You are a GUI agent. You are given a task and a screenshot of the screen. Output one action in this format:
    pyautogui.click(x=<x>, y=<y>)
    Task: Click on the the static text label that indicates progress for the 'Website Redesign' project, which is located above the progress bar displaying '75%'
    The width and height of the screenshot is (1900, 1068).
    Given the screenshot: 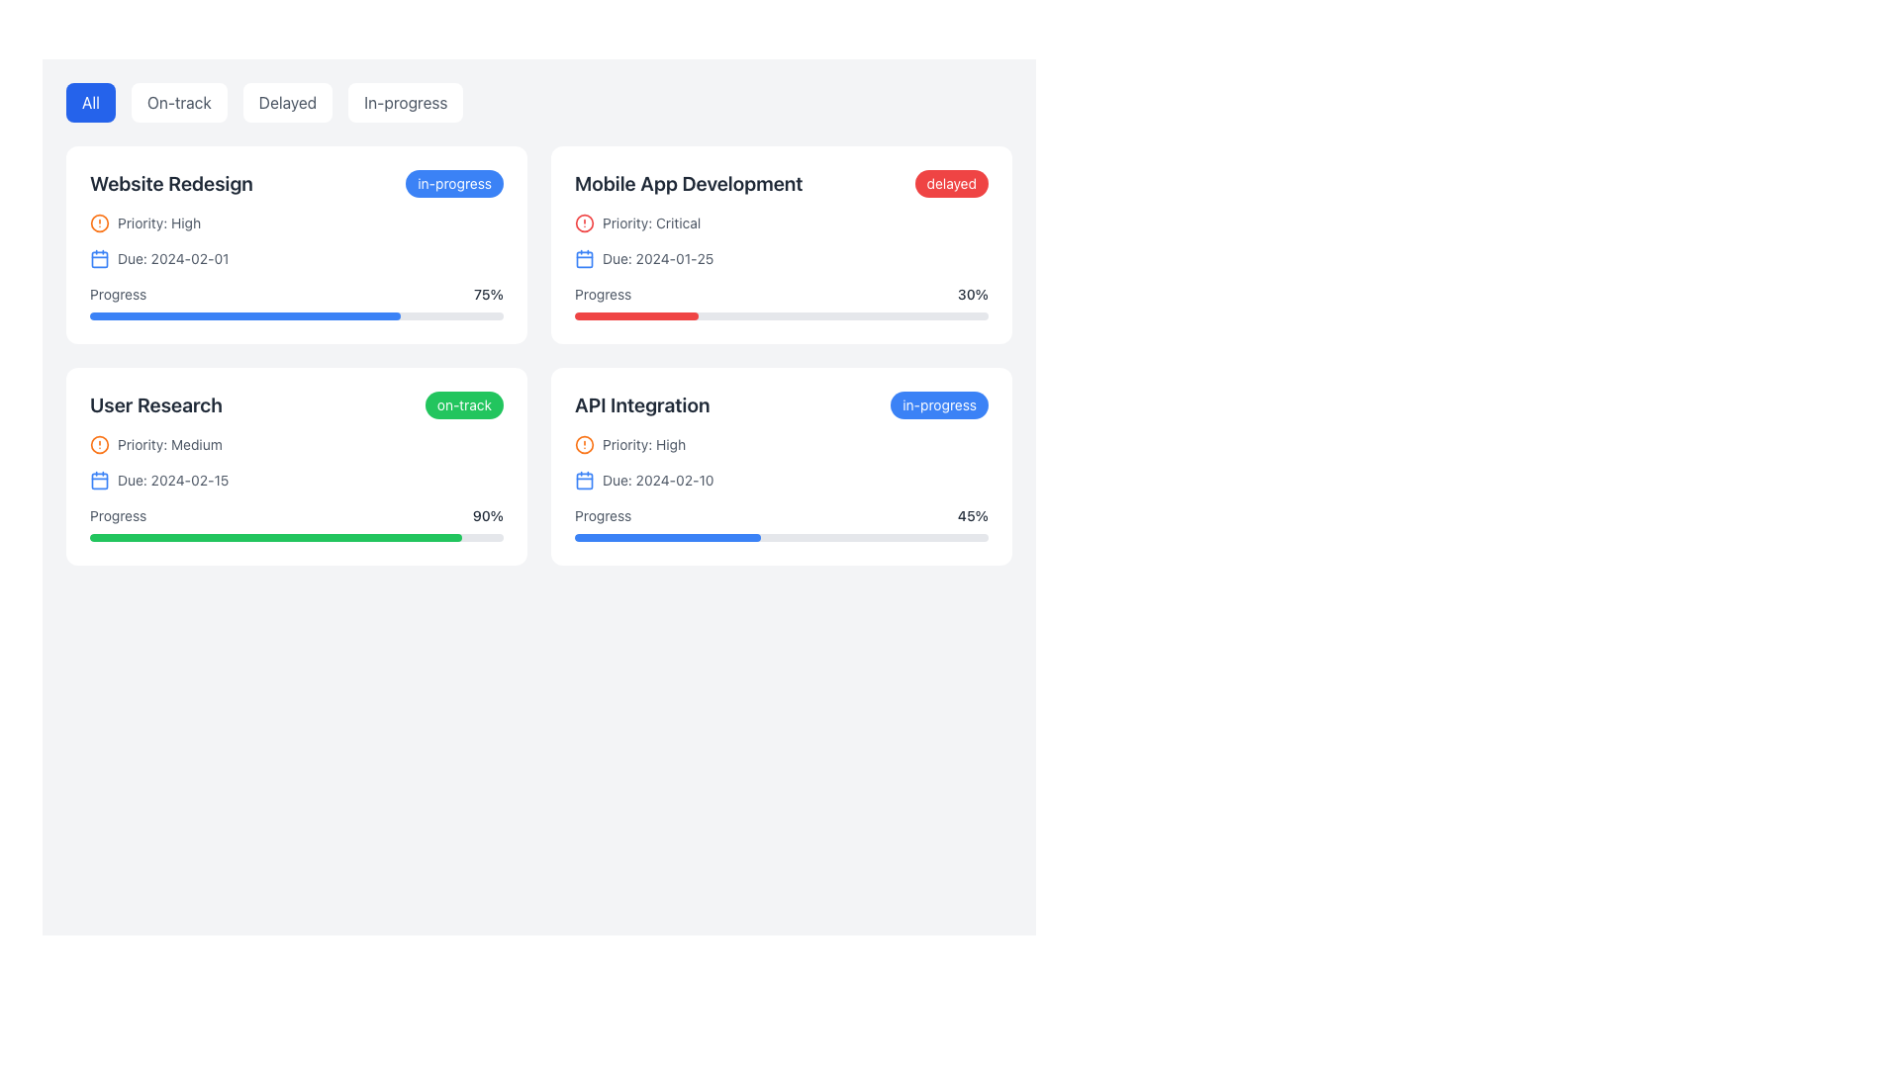 What is the action you would take?
    pyautogui.click(x=117, y=294)
    